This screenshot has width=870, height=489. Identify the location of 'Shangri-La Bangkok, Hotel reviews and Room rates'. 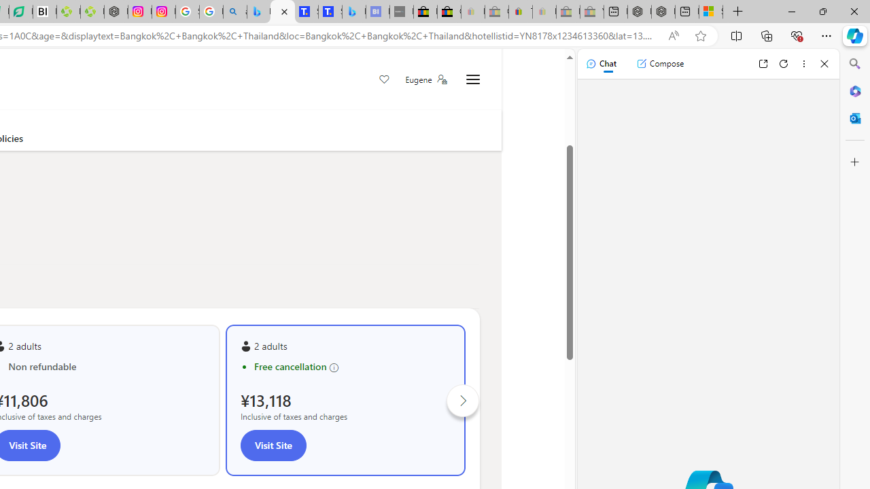
(330, 12).